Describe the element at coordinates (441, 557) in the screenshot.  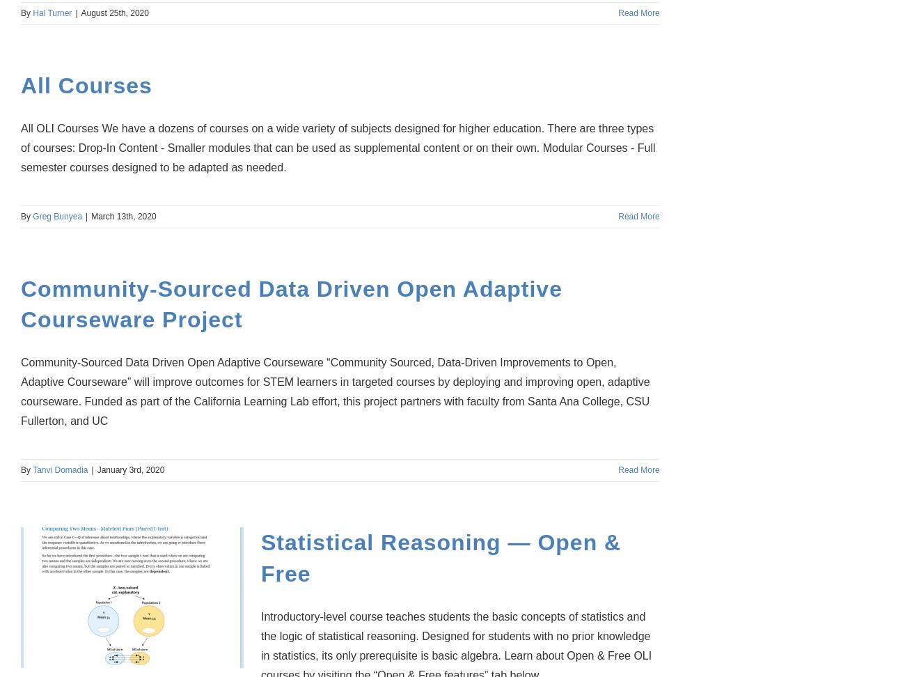
I see `'Statistical Reasoning — Open & Free'` at that location.